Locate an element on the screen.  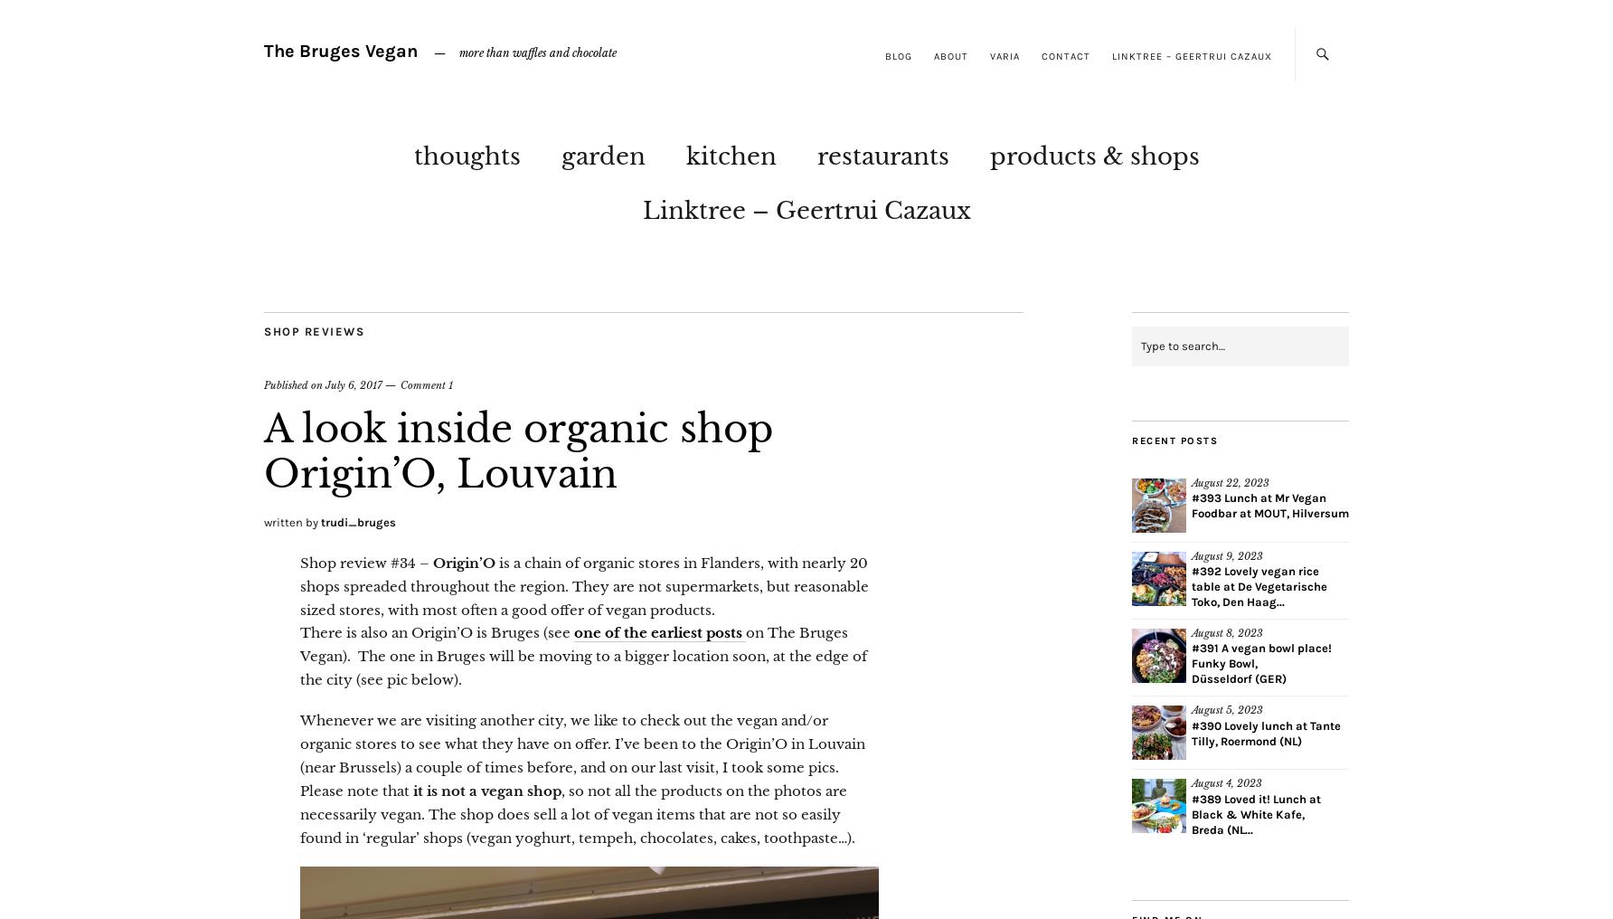
'garden' is located at coordinates (601, 156).